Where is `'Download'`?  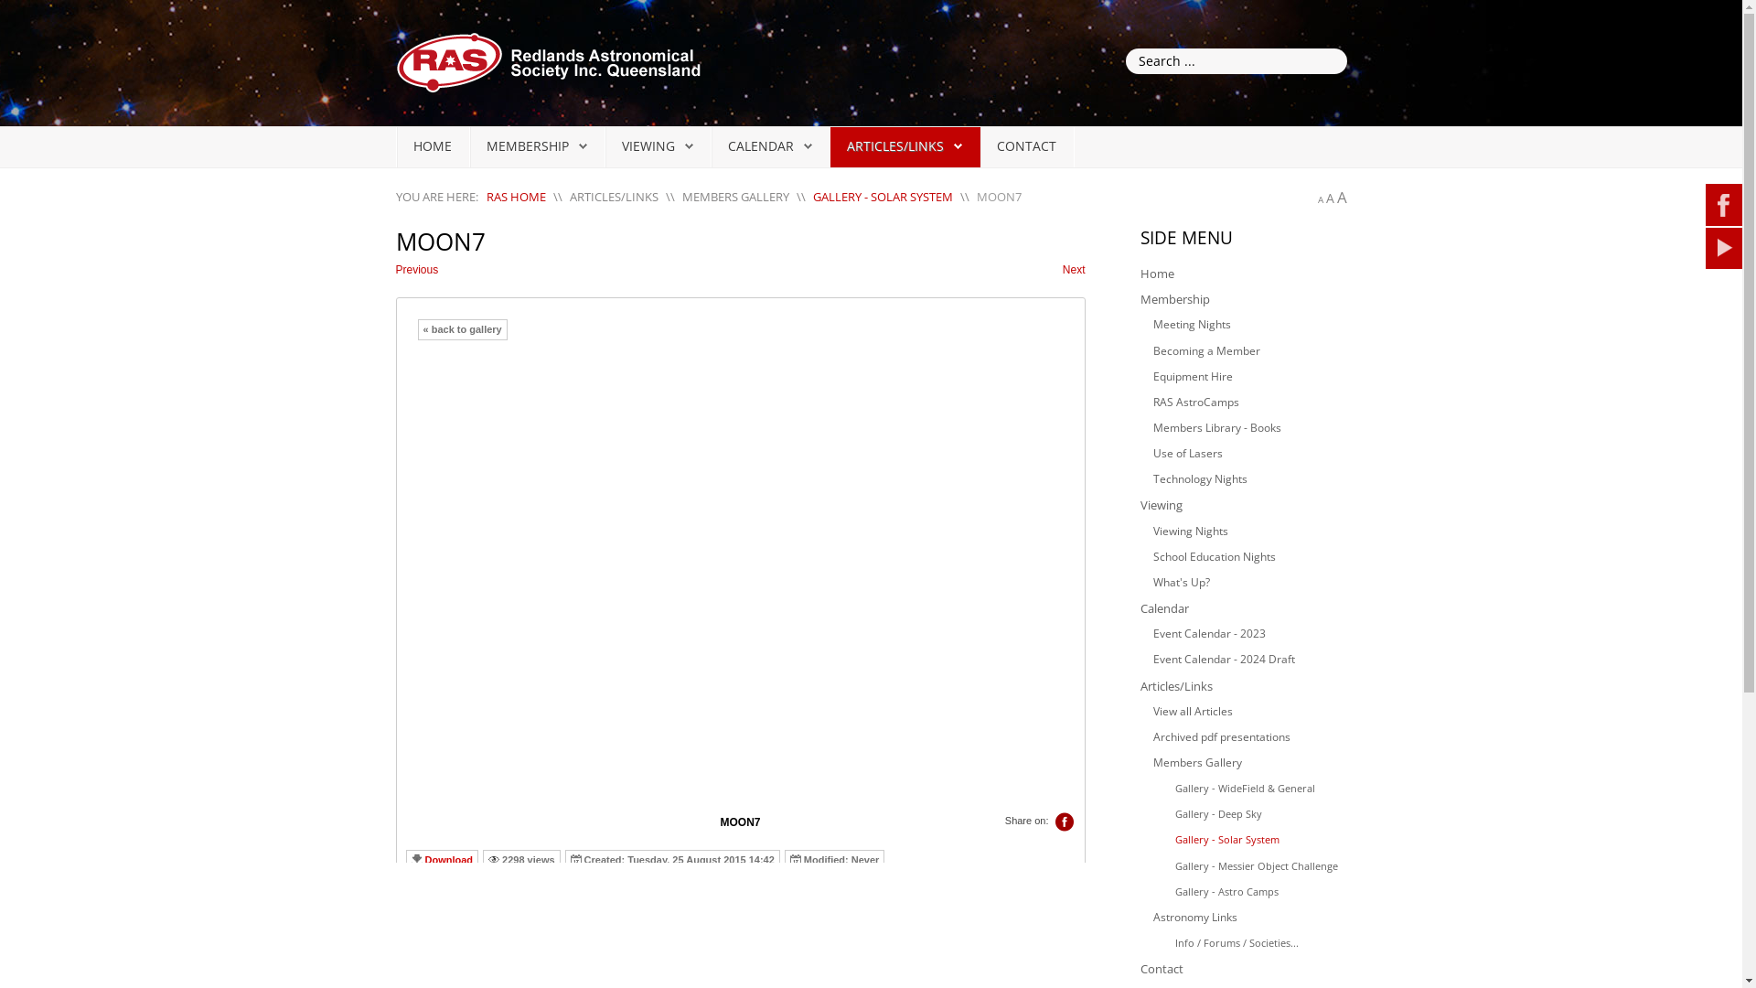 'Download' is located at coordinates (448, 860).